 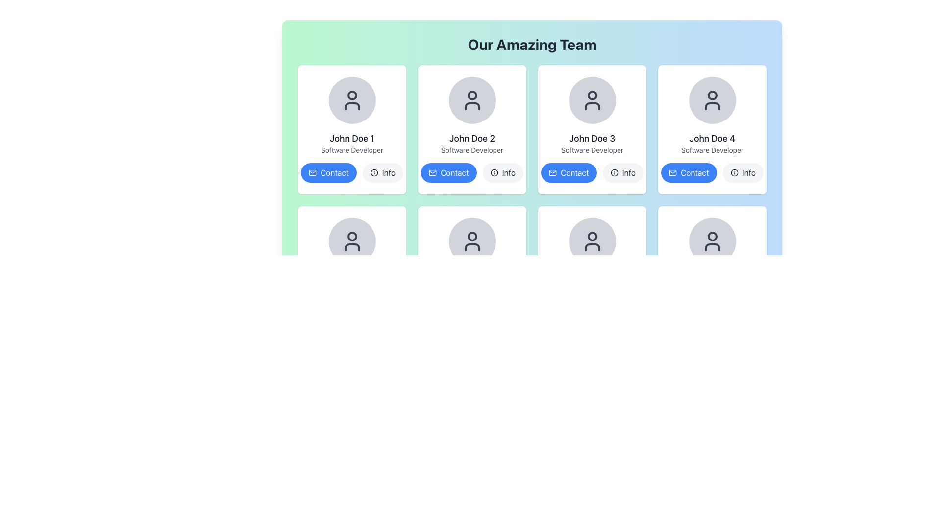 I want to click on descriptive label text located in the fourth profile card from the left in the team section, positioned beneath 'John Doe 4' and above the action buttons, so click(x=712, y=150).